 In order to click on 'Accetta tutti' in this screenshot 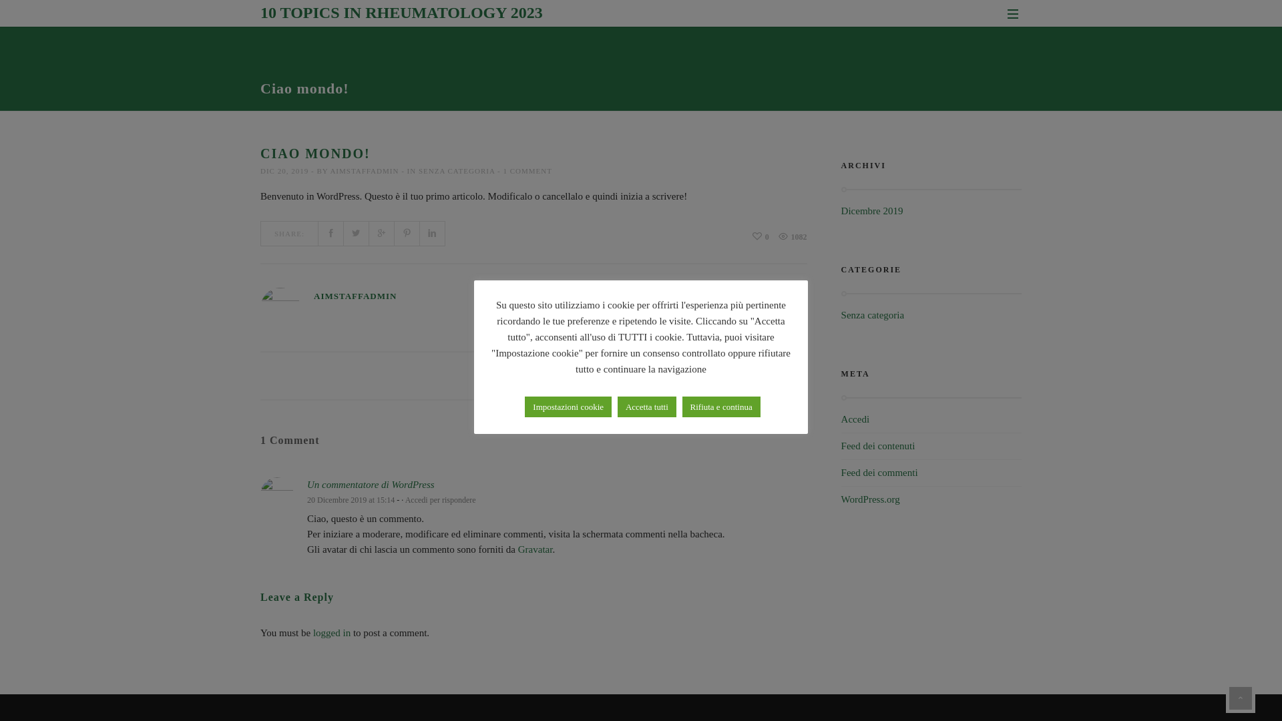, I will do `click(647, 406)`.